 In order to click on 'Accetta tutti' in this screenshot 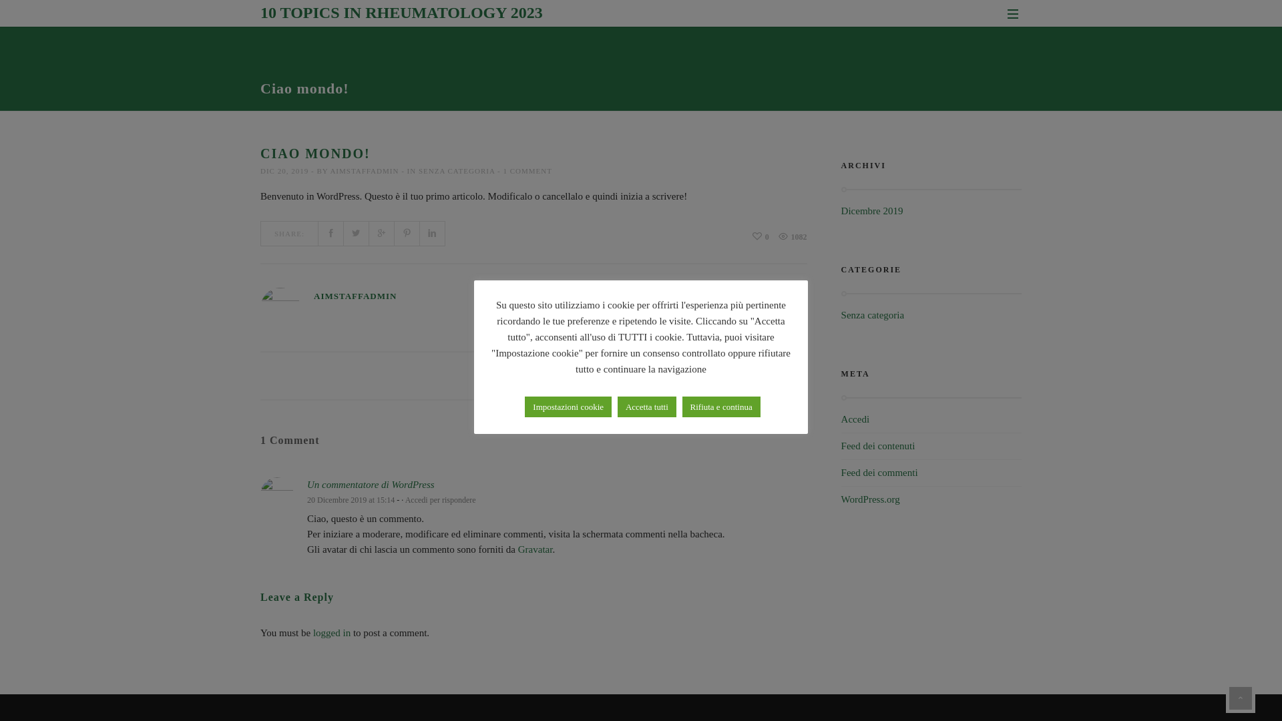, I will do `click(647, 406)`.